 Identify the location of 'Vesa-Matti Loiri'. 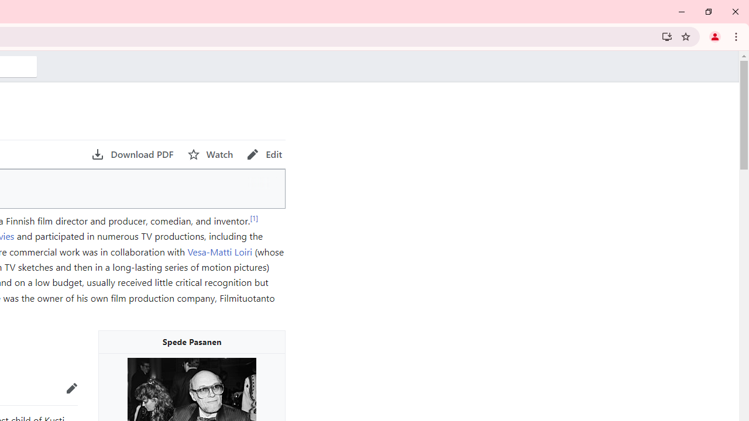
(219, 250).